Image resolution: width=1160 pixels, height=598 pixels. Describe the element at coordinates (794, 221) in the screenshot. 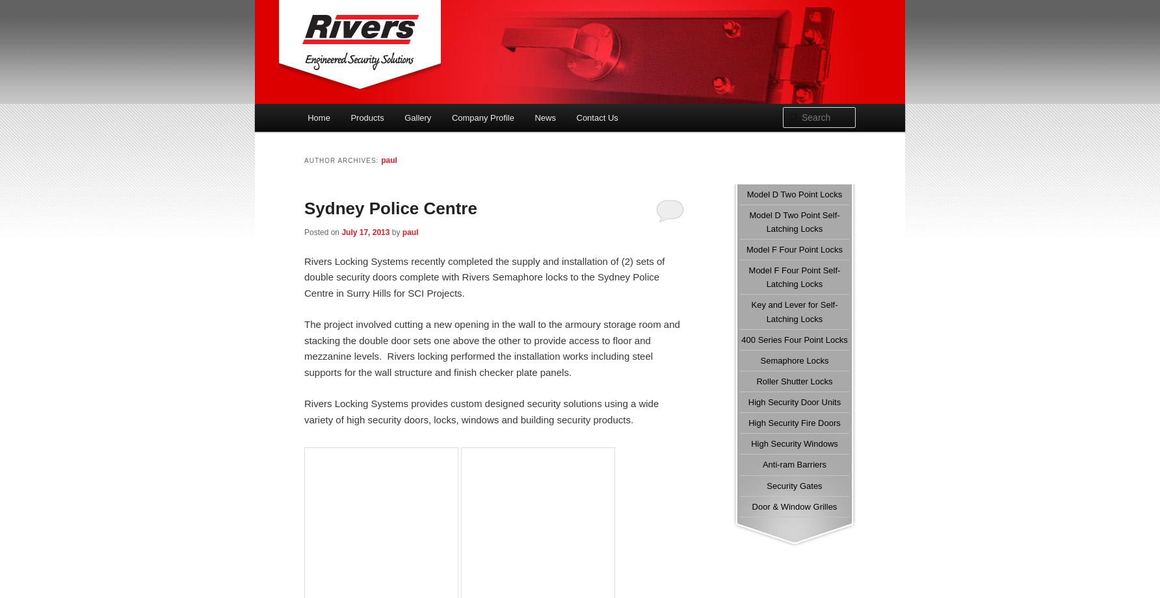

I see `'Model D Two Point Self-Latching Locks'` at that location.